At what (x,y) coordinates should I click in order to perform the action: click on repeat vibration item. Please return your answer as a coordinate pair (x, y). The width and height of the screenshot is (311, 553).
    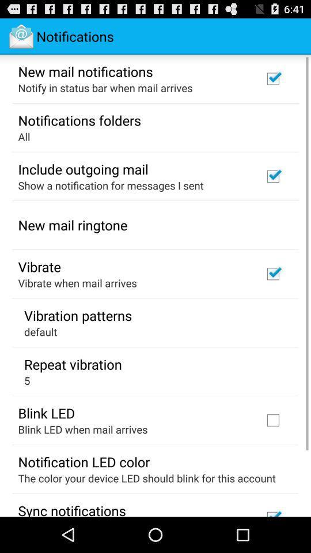
    Looking at the image, I should click on (73, 363).